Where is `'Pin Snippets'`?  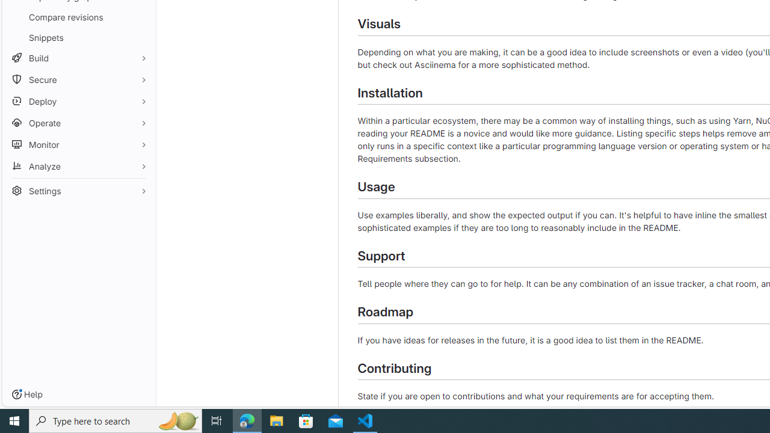 'Pin Snippets' is located at coordinates (141, 37).